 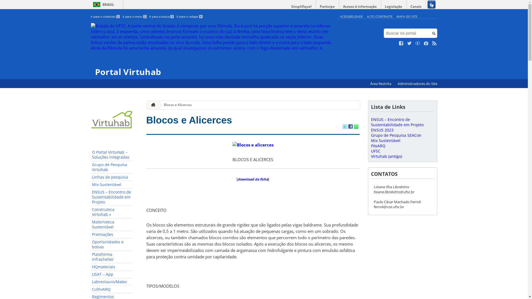 What do you see at coordinates (111, 267) in the screenshot?
I see `'HQmateriais'` at bounding box center [111, 267].